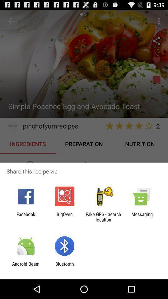 This screenshot has width=168, height=299. Describe the element at coordinates (26, 266) in the screenshot. I see `android beam app` at that location.